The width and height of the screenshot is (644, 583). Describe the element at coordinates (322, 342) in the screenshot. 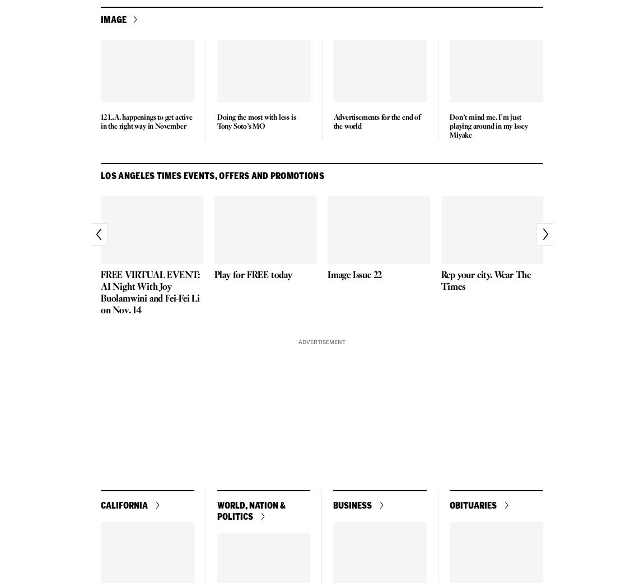

I see `'Advertisement'` at that location.